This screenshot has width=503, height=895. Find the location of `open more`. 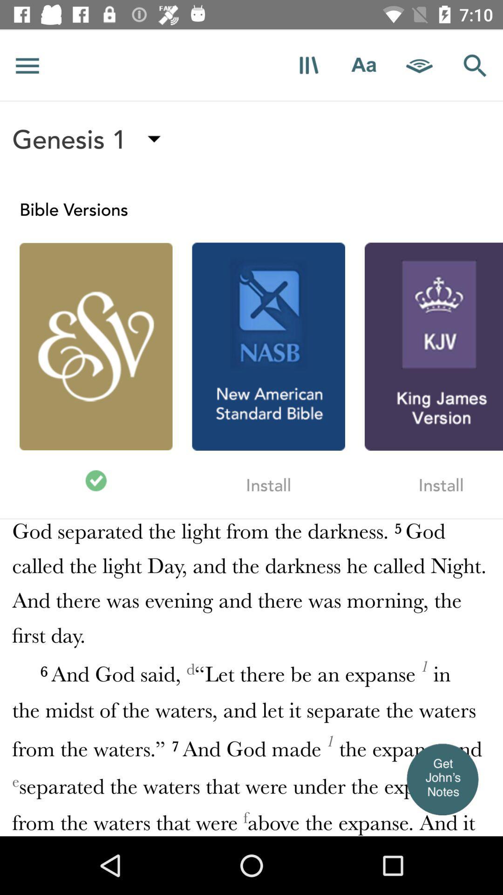

open more is located at coordinates (308, 65).